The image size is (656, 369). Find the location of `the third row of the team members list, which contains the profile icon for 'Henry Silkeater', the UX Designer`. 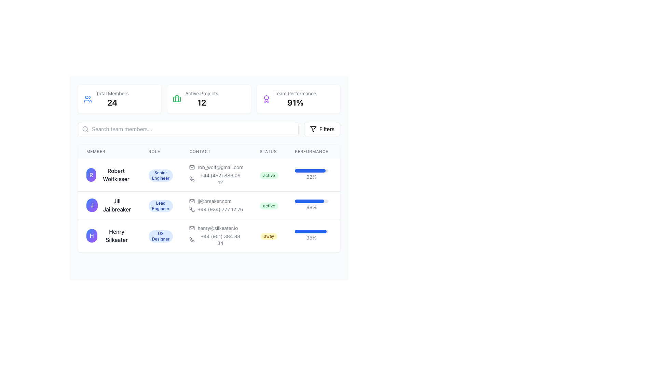

the third row of the team members list, which contains the profile icon for 'Henry Silkeater', the UX Designer is located at coordinates (225, 235).